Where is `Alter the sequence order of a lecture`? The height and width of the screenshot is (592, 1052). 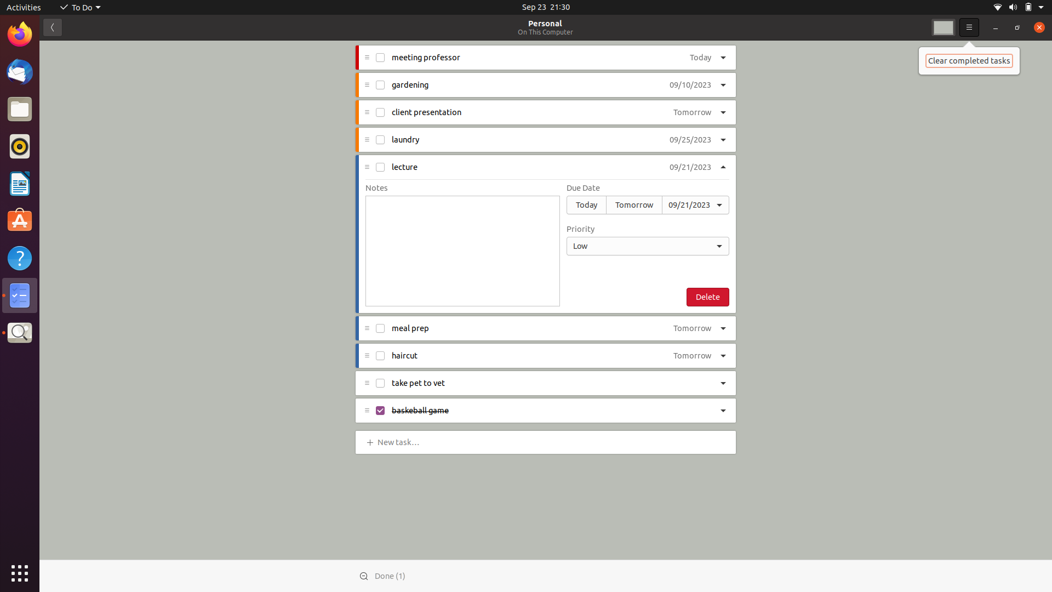
Alter the sequence order of a lecture is located at coordinates (648, 245).